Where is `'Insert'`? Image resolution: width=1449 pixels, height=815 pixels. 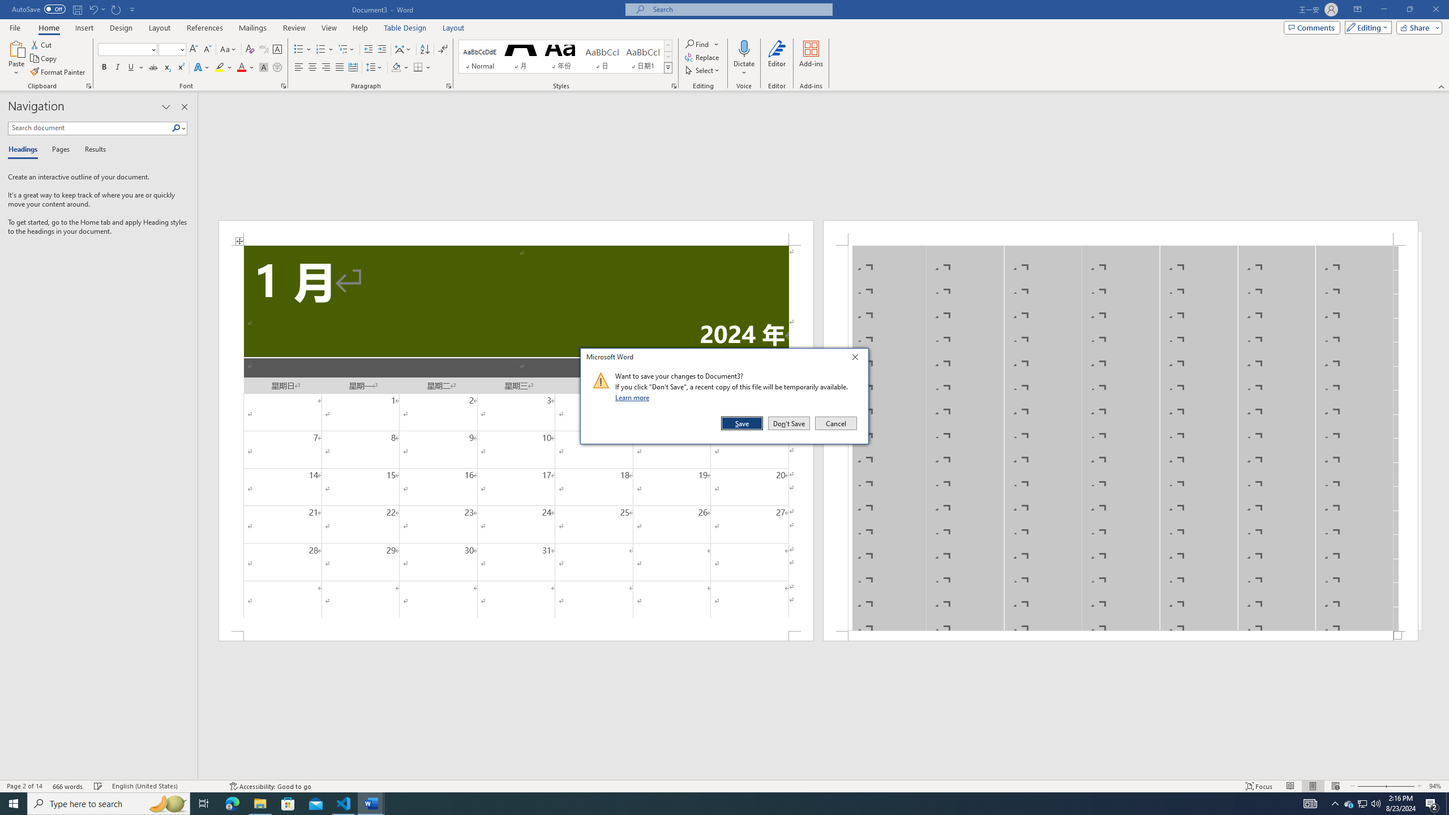 'Insert' is located at coordinates (83, 28).